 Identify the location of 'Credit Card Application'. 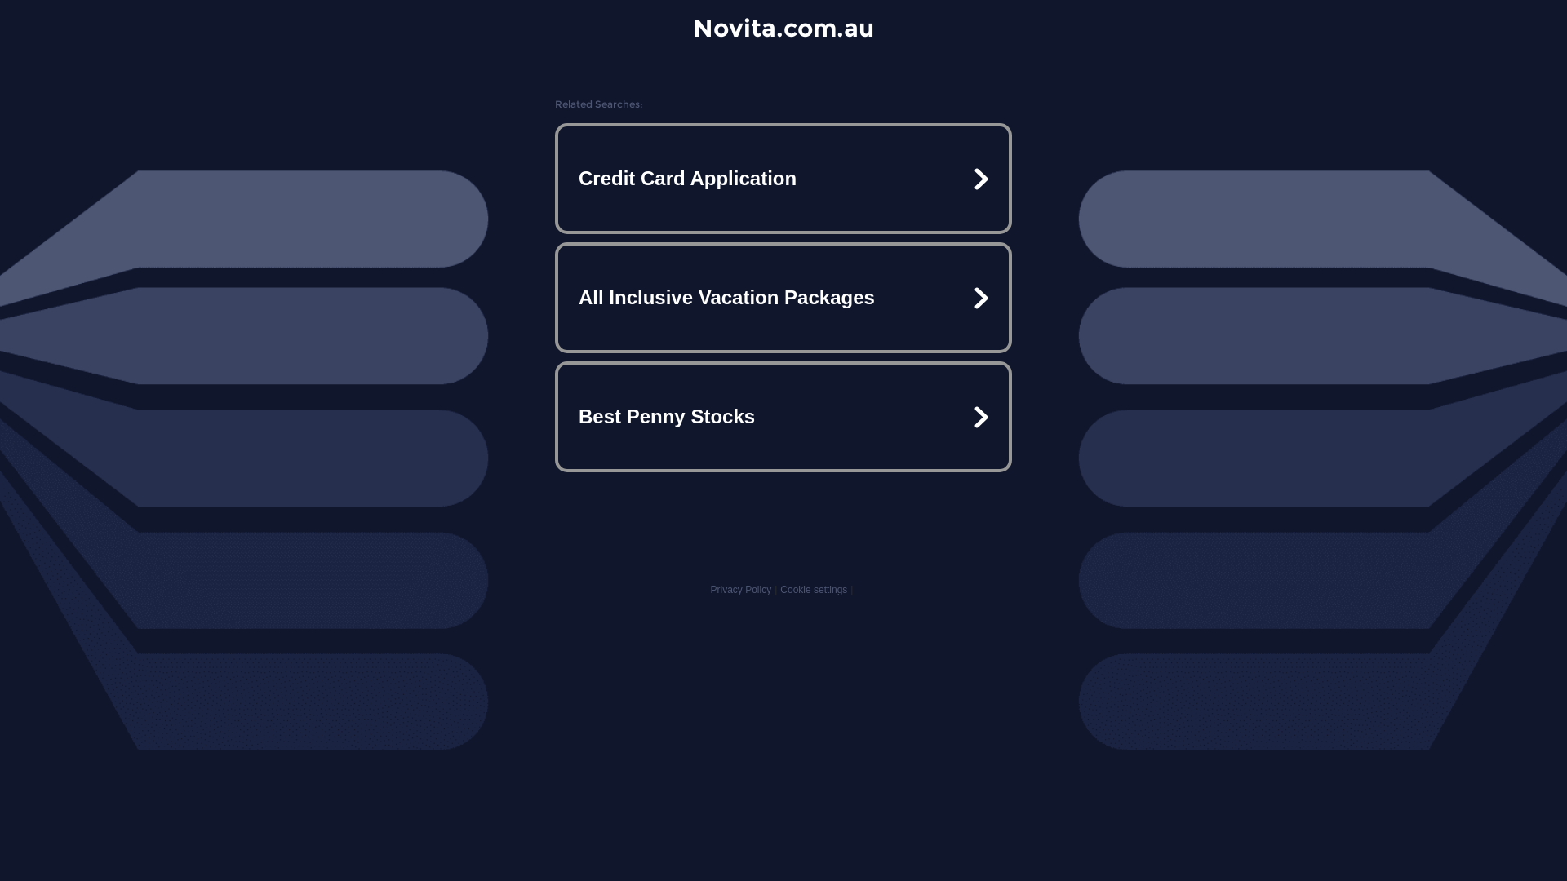
(783, 179).